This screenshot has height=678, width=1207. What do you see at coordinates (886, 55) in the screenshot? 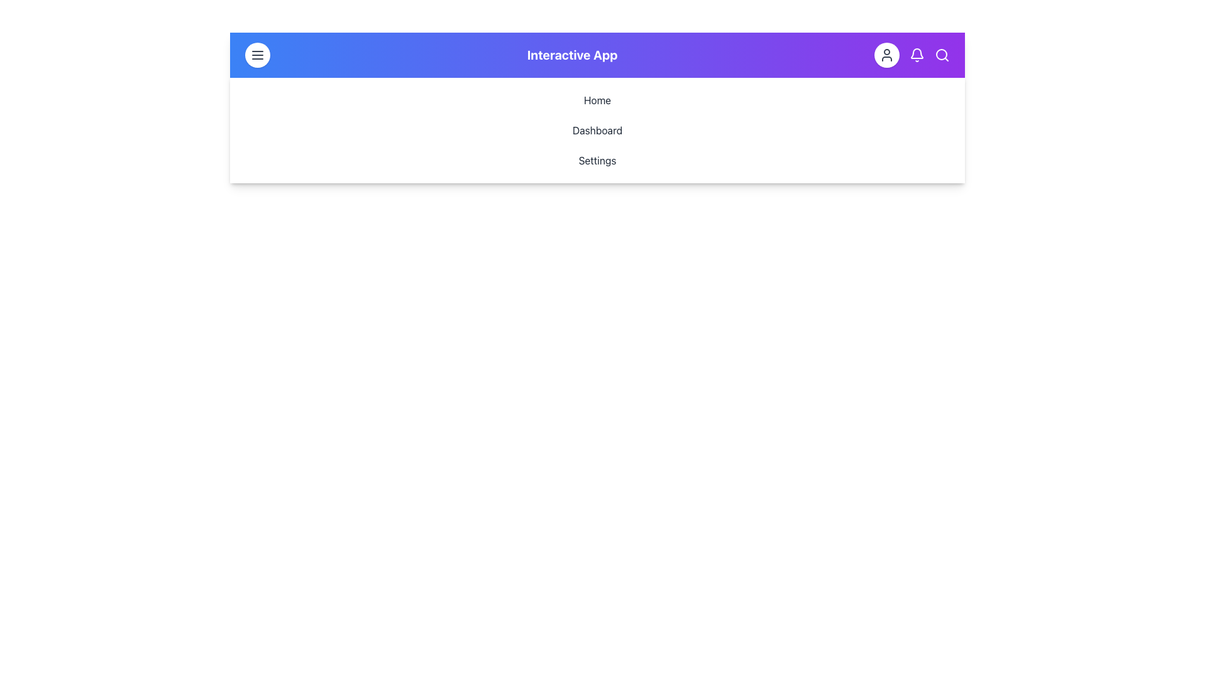
I see `the user profile icon located in the top right corner of the navigation bar` at bounding box center [886, 55].